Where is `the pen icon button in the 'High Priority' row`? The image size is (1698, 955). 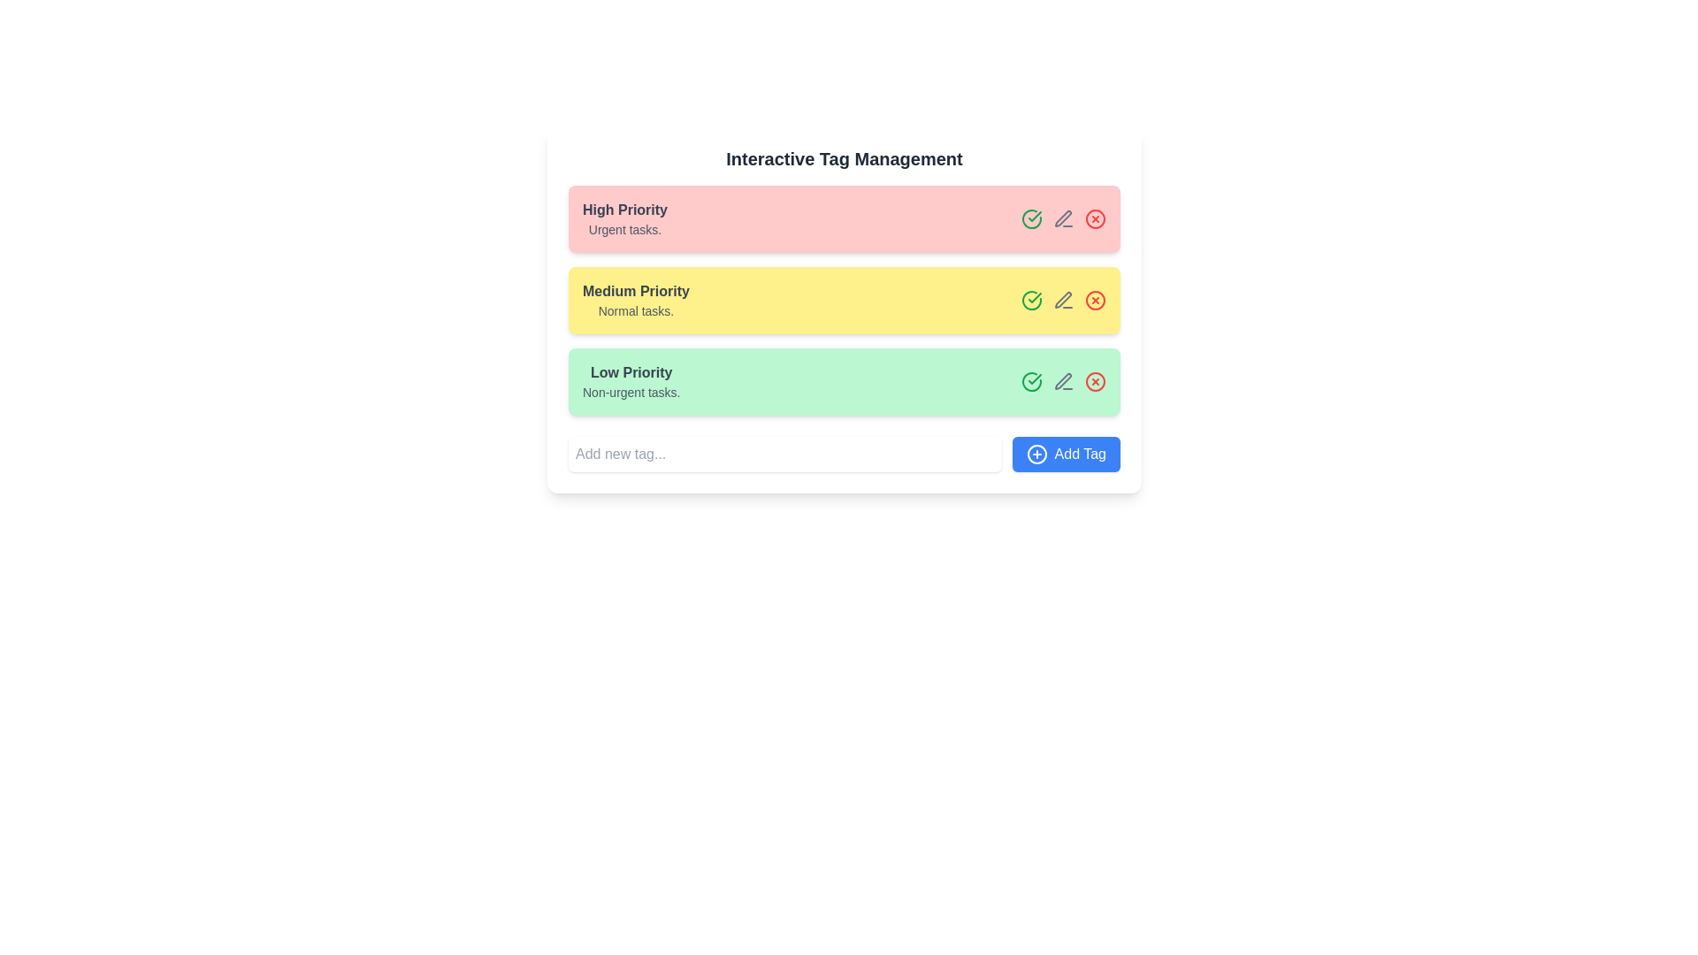
the pen icon button in the 'High Priority' row is located at coordinates (1063, 218).